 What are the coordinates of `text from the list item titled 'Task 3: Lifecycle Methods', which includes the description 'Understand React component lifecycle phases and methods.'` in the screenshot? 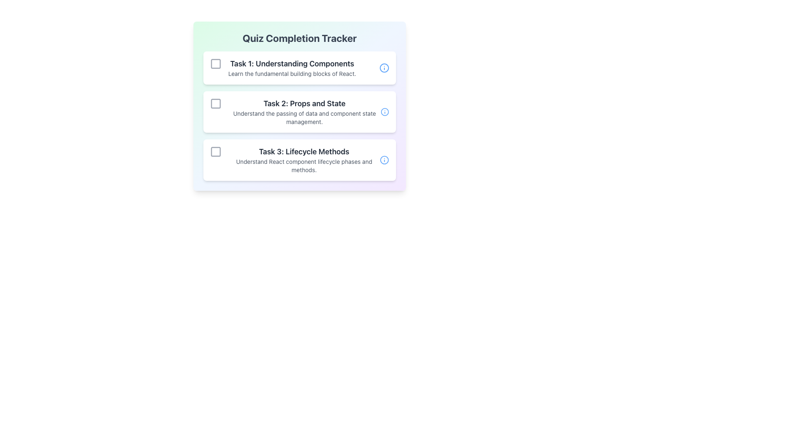 It's located at (303, 160).